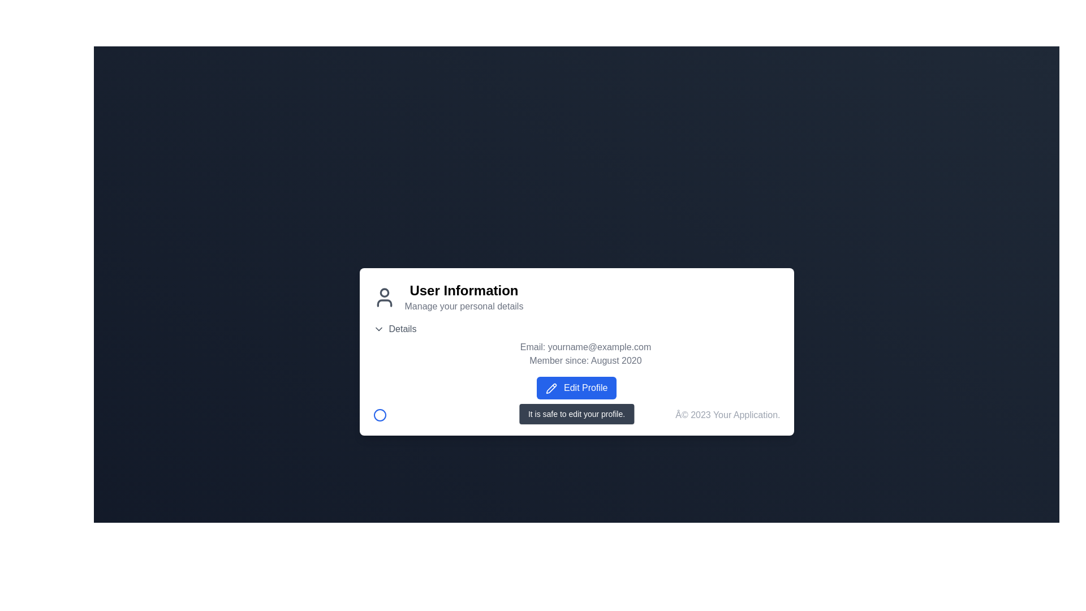  What do you see at coordinates (551, 388) in the screenshot?
I see `the small pencil icon on the left edge of the blue 'Edit Profile' button labeled in white text` at bounding box center [551, 388].